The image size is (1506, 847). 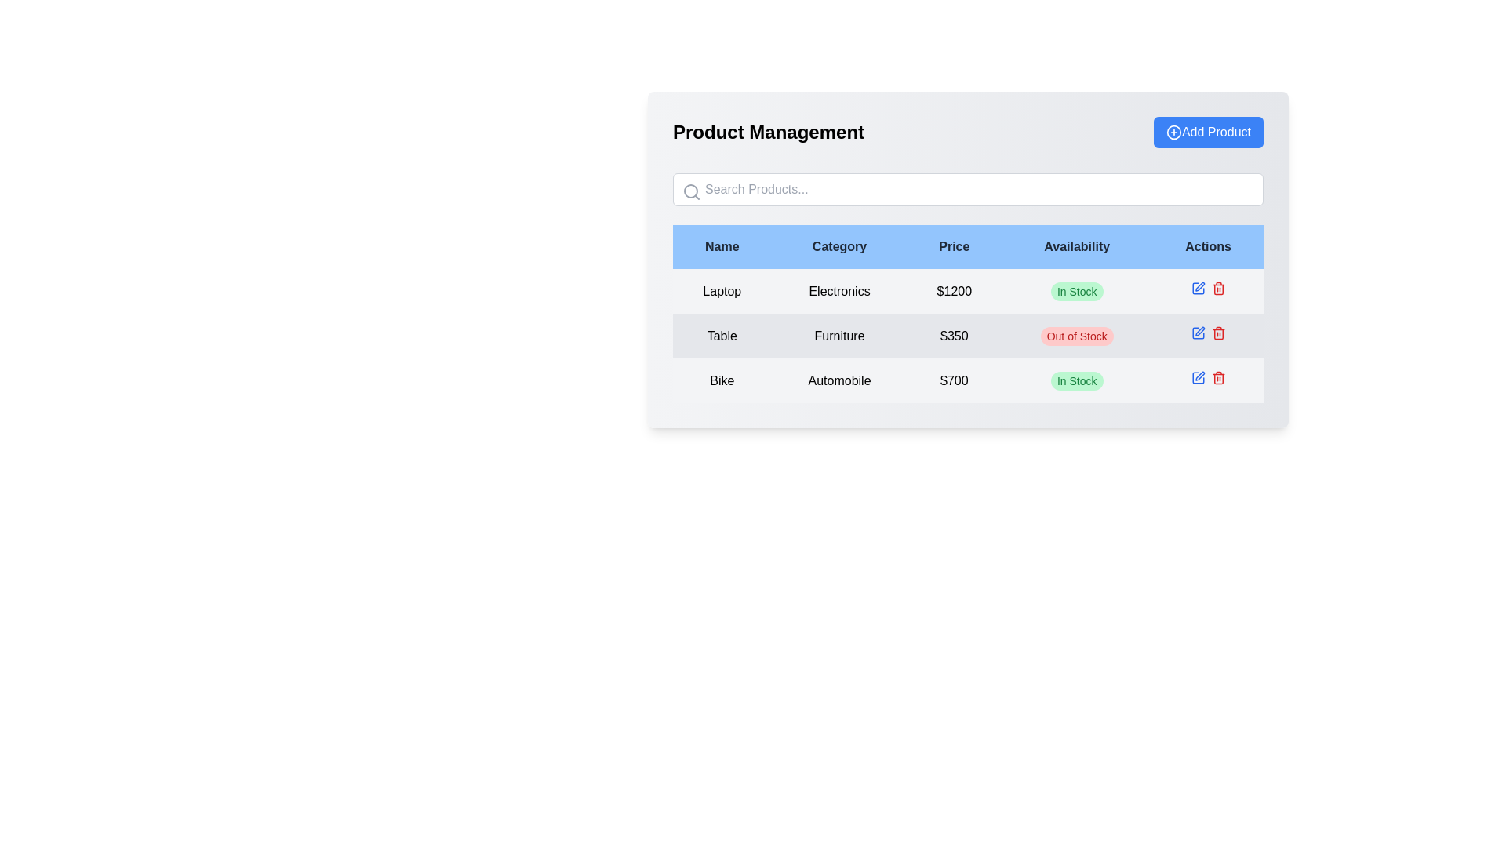 I want to click on displayed status of the 'Out of Stock' badge, which is a rectangular badge with a light red background and bold red text, located in the 'Availability' column of the second row of the table, so click(x=1076, y=335).